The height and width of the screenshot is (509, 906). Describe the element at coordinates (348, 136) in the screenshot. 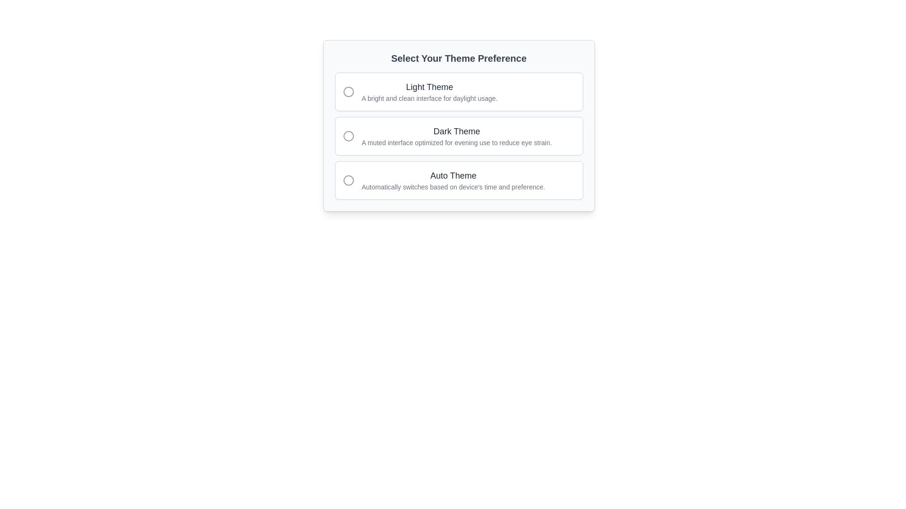

I see `the small round icon with a gray outline located to the left of the 'Dark Theme' option text in the theme selection list` at that location.